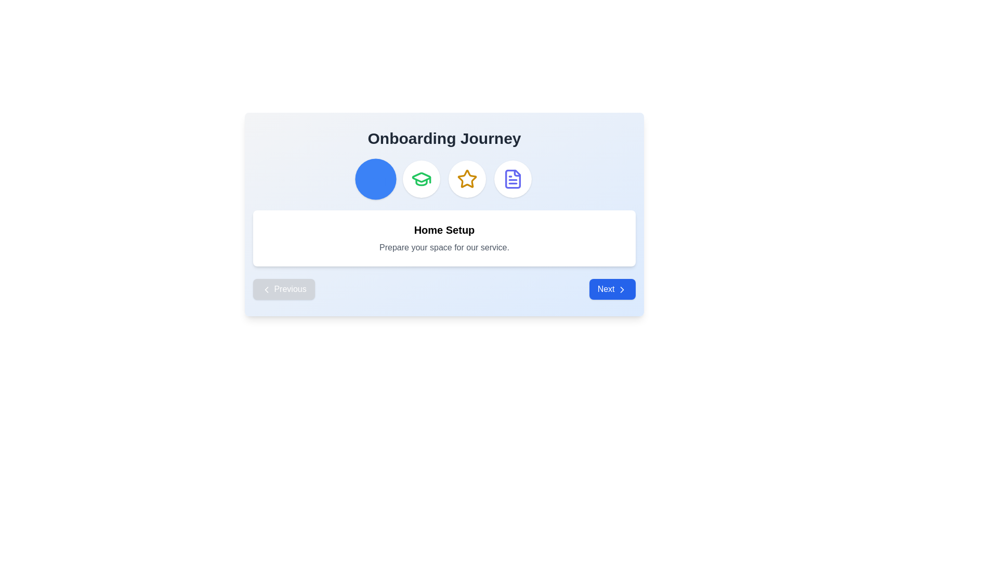 The height and width of the screenshot is (561, 998). Describe the element at coordinates (622, 289) in the screenshot. I see `the 'Next' icon located within the blue button at the bottom-right corner of the interface, which represents the action of proceeding or moving forward` at that location.